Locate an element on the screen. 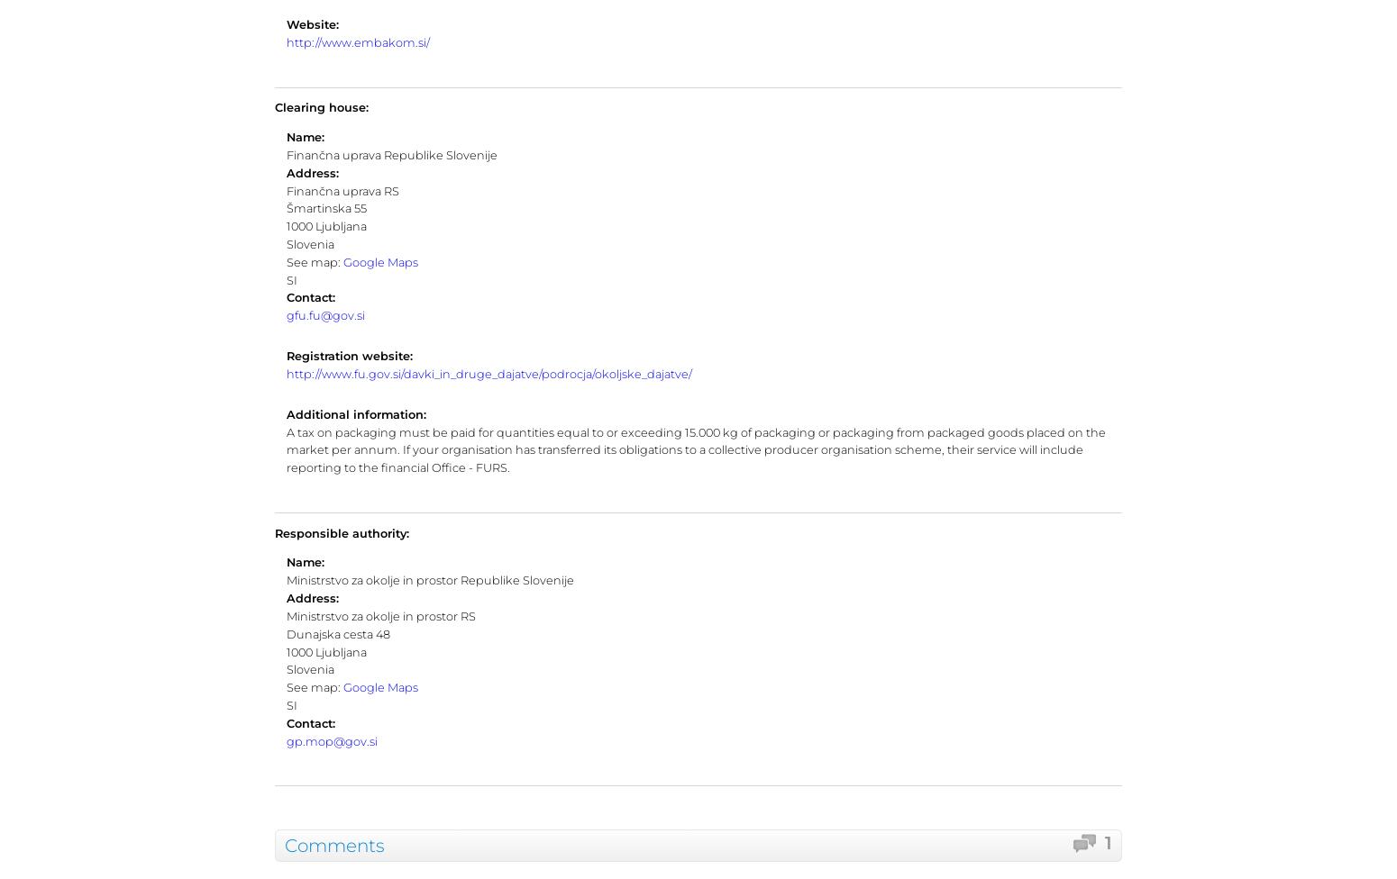 This screenshot has width=1397, height=879. 'A tax on packaging must be paid for quantities equal to or exceeding 15.000 kg of packaging or packaging from packaged goods placed on the market per annum. If your organisation has transferred its obligations to a collective producer organisation scheme, their service will include reporting to the financial Office - FURS.' is located at coordinates (284, 449).